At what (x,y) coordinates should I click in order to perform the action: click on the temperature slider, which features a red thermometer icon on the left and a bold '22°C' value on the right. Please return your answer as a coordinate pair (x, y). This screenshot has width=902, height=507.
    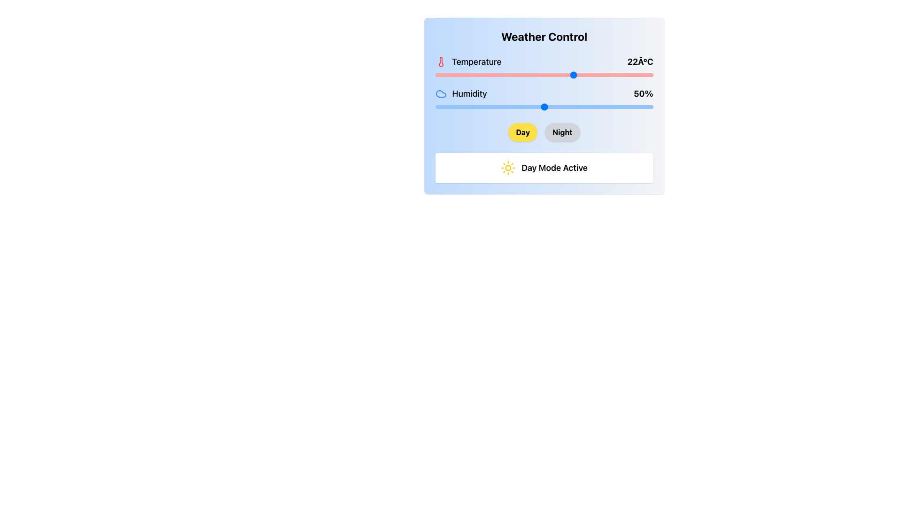
    Looking at the image, I should click on (544, 67).